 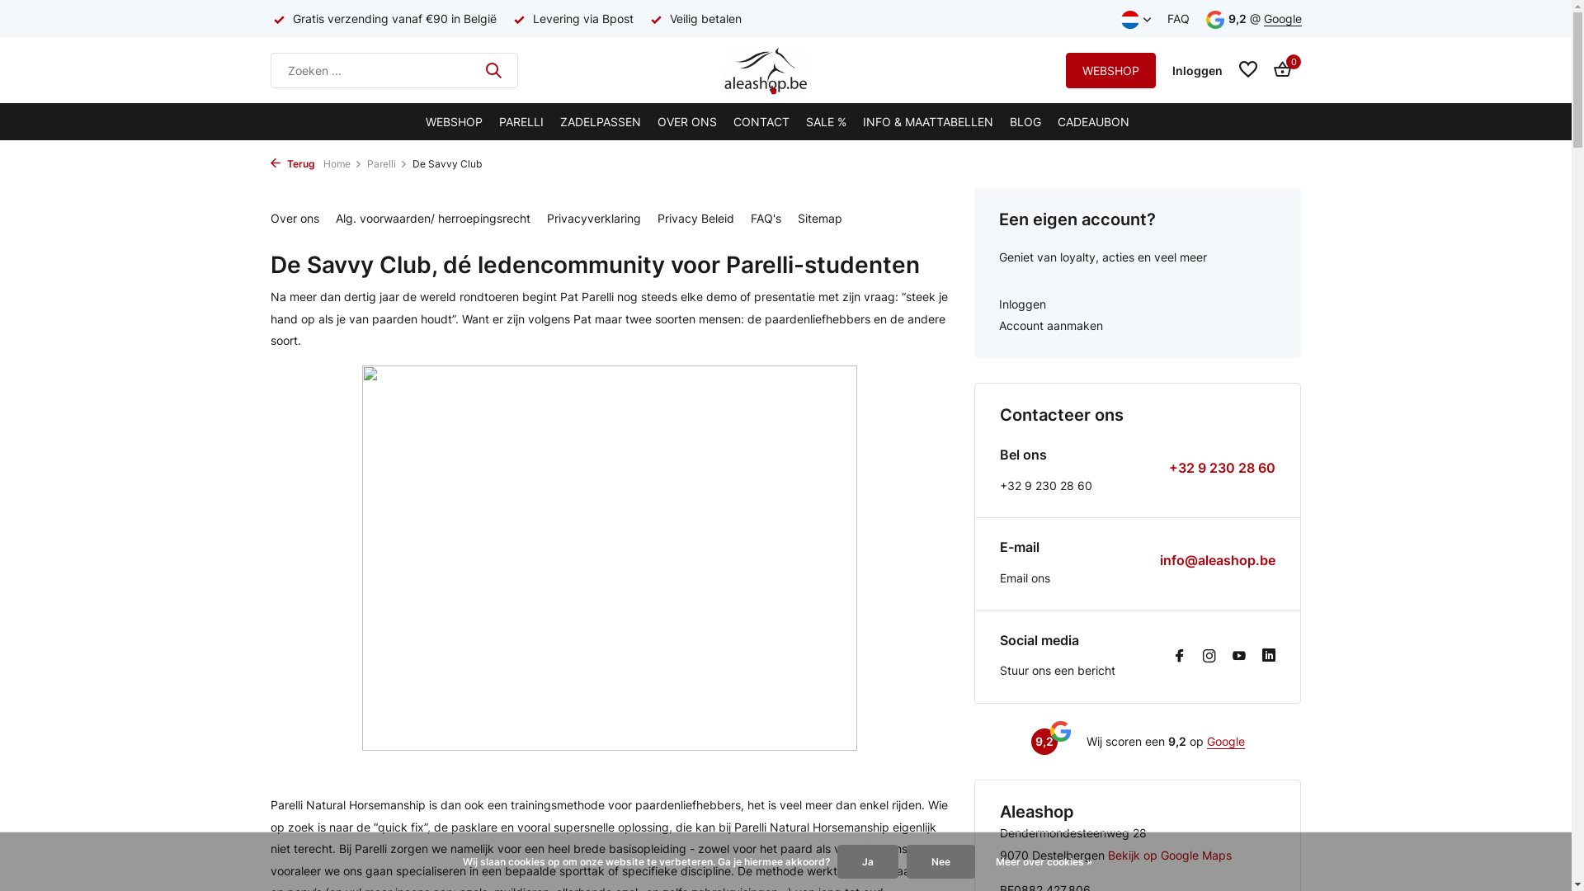 I want to click on 'info@aleashop.be', so click(x=1159, y=559).